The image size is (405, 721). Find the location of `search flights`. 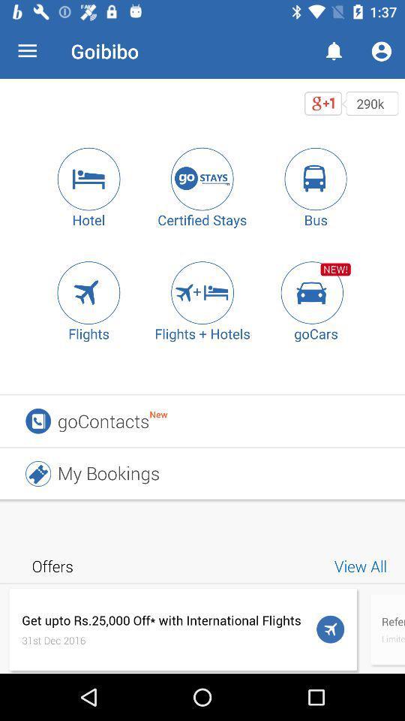

search flights is located at coordinates (88, 291).